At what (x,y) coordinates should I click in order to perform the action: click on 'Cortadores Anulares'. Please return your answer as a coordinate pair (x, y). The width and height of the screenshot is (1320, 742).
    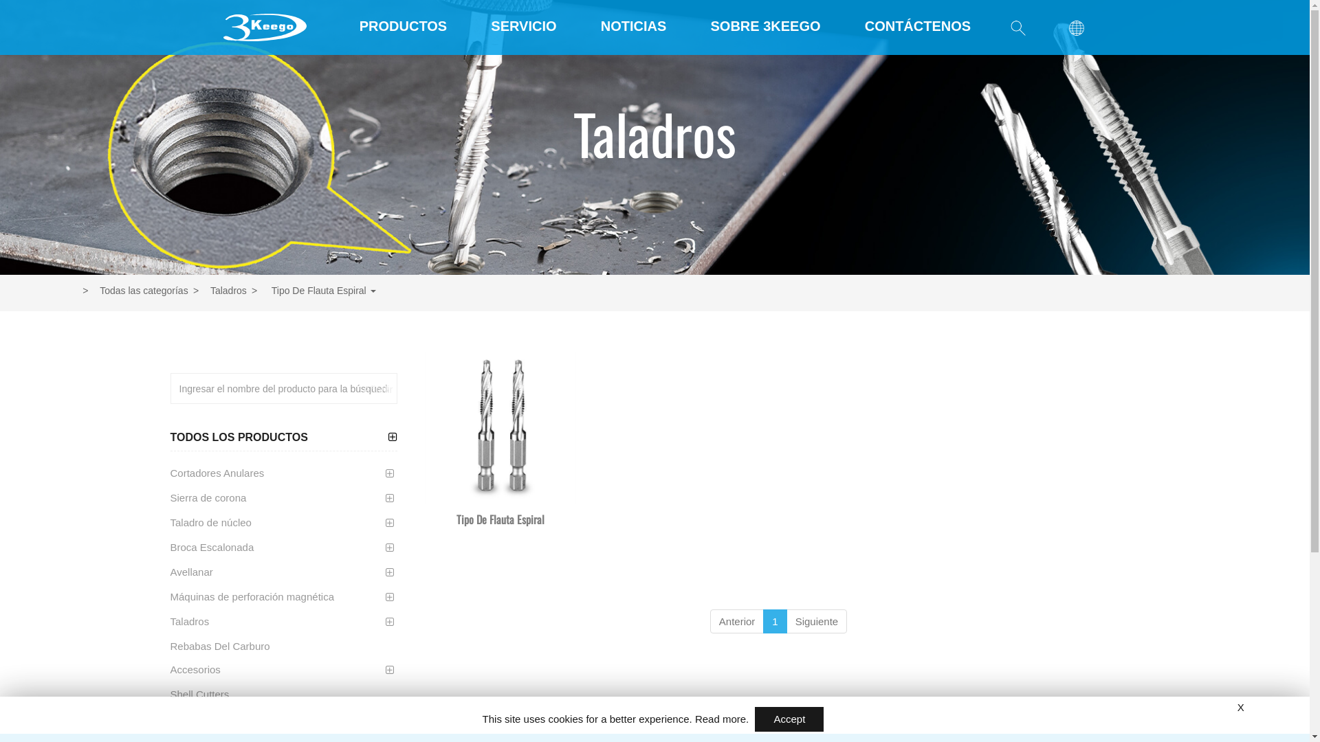
    Looking at the image, I should click on (217, 473).